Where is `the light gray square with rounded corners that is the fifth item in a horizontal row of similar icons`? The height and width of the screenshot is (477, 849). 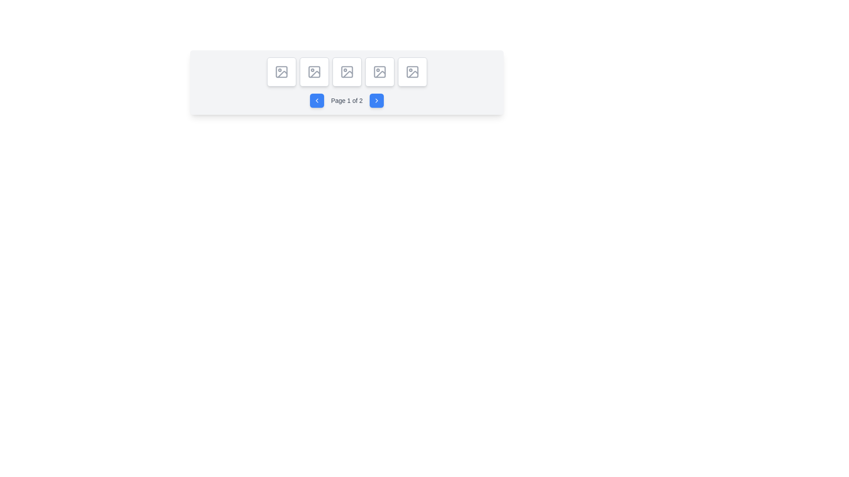 the light gray square with rounded corners that is the fifth item in a horizontal row of similar icons is located at coordinates (412, 71).